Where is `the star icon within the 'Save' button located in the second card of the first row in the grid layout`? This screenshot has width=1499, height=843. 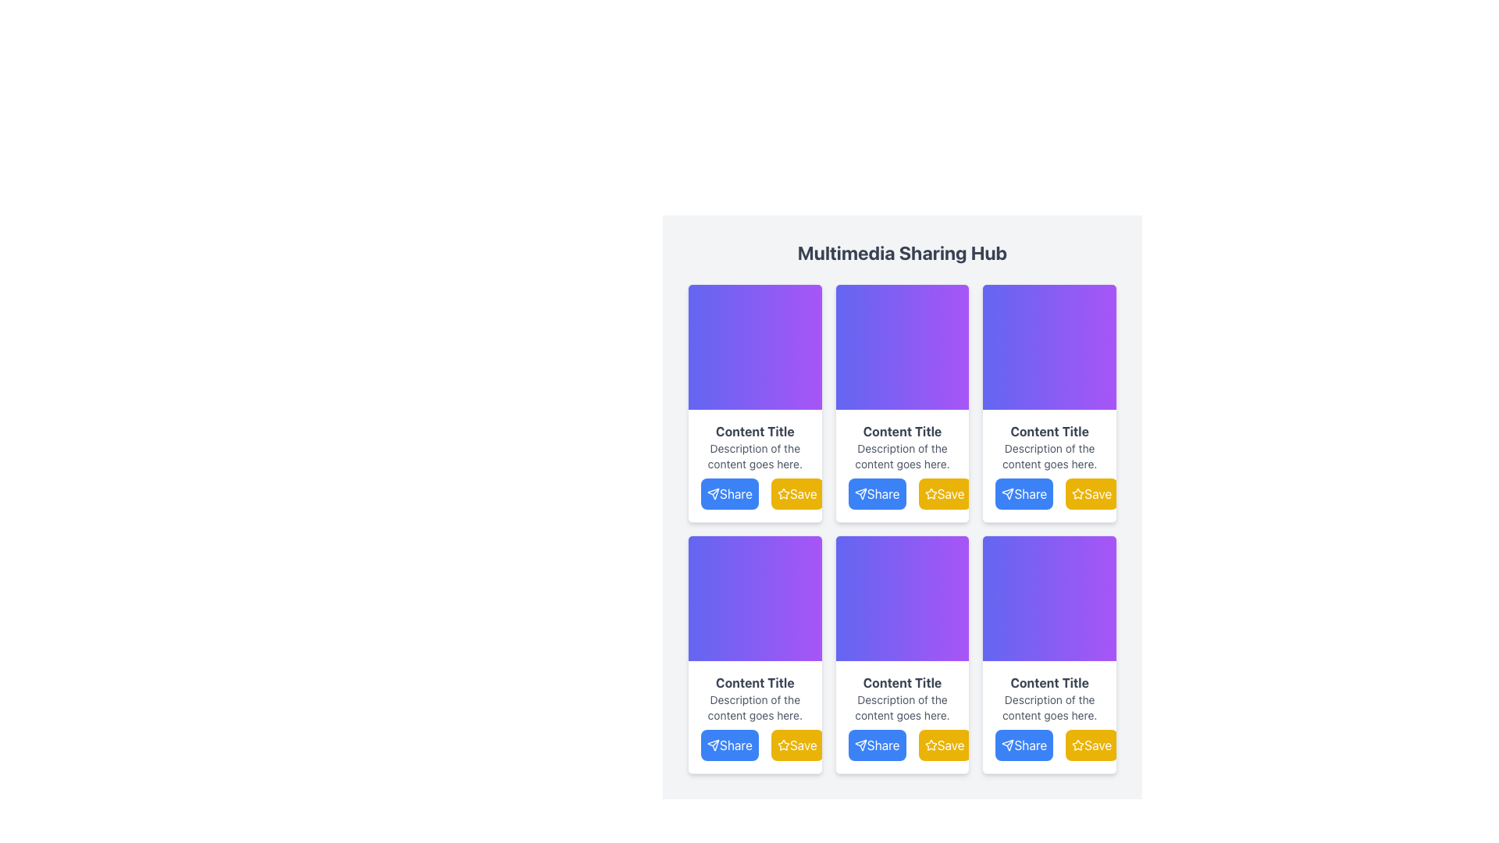
the star icon within the 'Save' button located in the second card of the first row in the grid layout is located at coordinates (930, 493).